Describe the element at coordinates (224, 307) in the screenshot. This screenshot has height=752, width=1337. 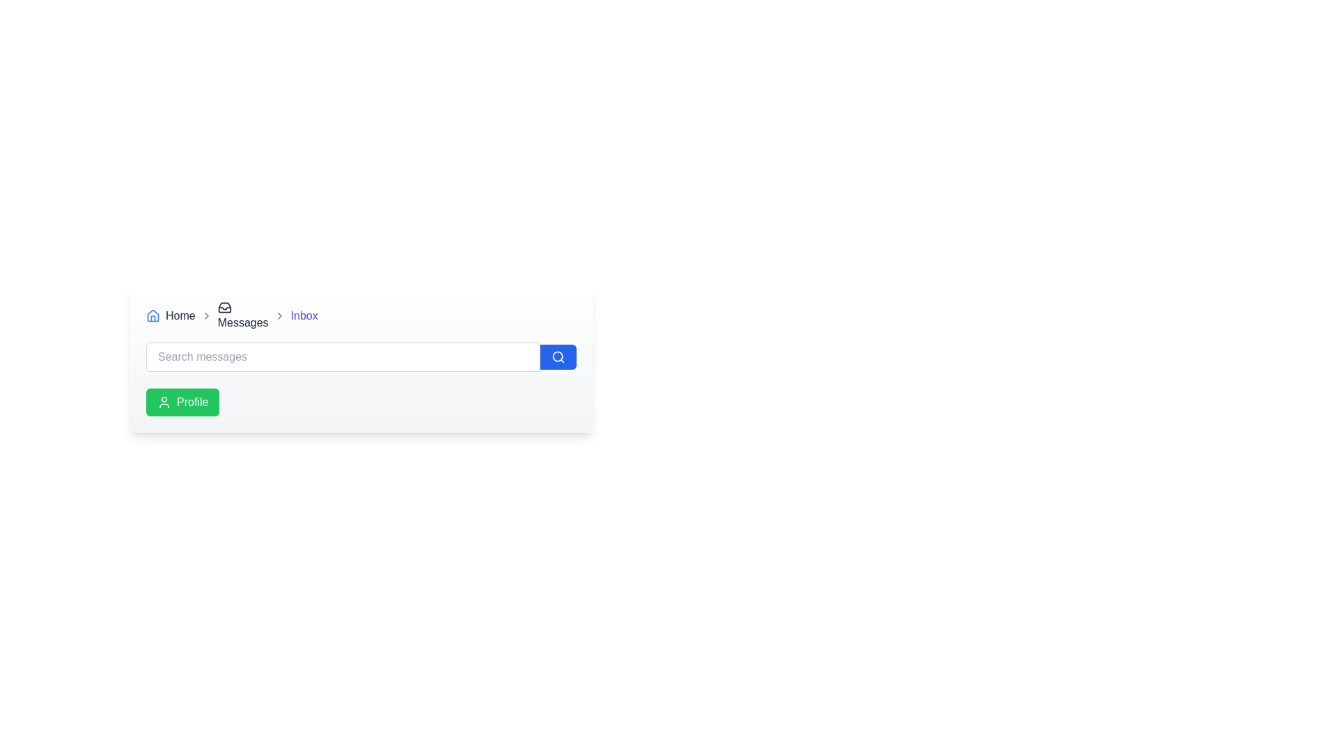
I see `the inbox icon located to the left of the 'Messages' text in the navigation bar` at that location.